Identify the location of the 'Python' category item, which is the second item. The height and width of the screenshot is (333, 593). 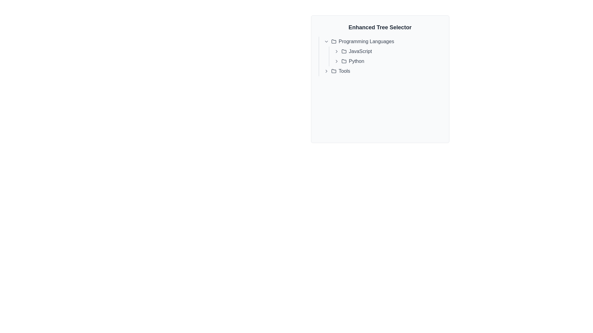
(387, 61).